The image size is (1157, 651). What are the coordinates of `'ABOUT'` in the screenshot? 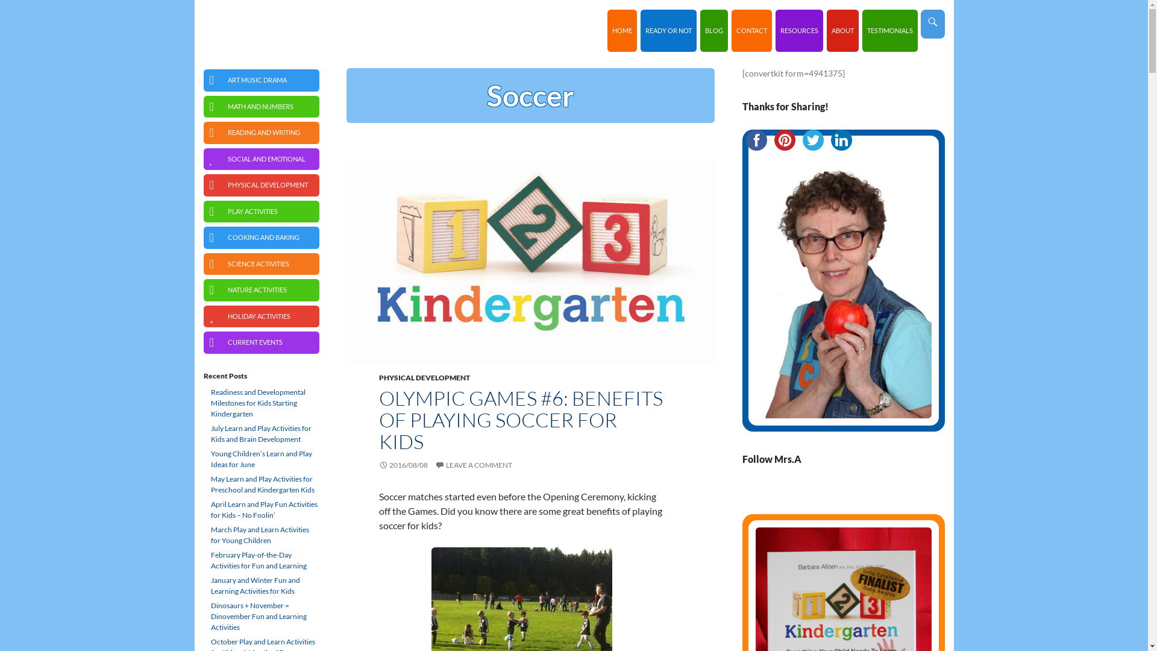 It's located at (842, 30).